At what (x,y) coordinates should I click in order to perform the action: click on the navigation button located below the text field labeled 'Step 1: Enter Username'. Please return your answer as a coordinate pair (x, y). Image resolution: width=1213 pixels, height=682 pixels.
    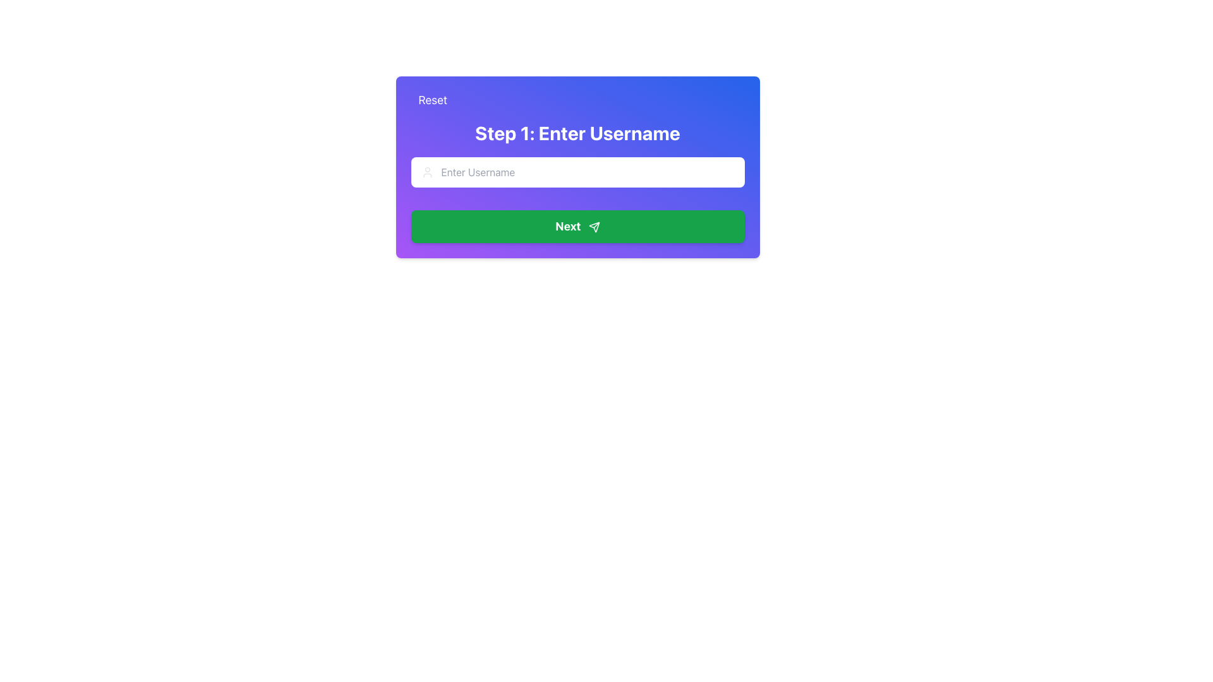
    Looking at the image, I should click on (577, 225).